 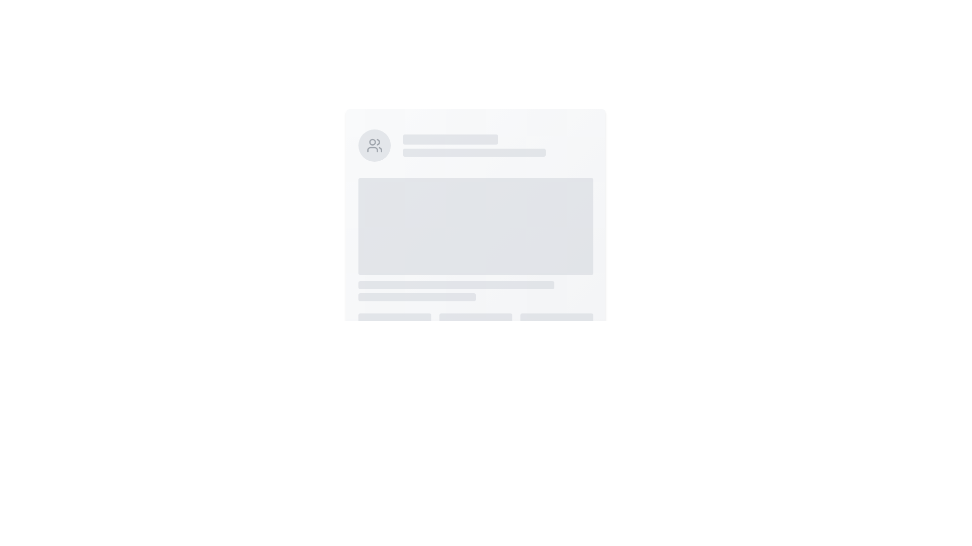 I want to click on the Placeholder element, which is the first element in a row of three similar elements in a grid layout, indicating loading or reserved content, so click(x=394, y=333).